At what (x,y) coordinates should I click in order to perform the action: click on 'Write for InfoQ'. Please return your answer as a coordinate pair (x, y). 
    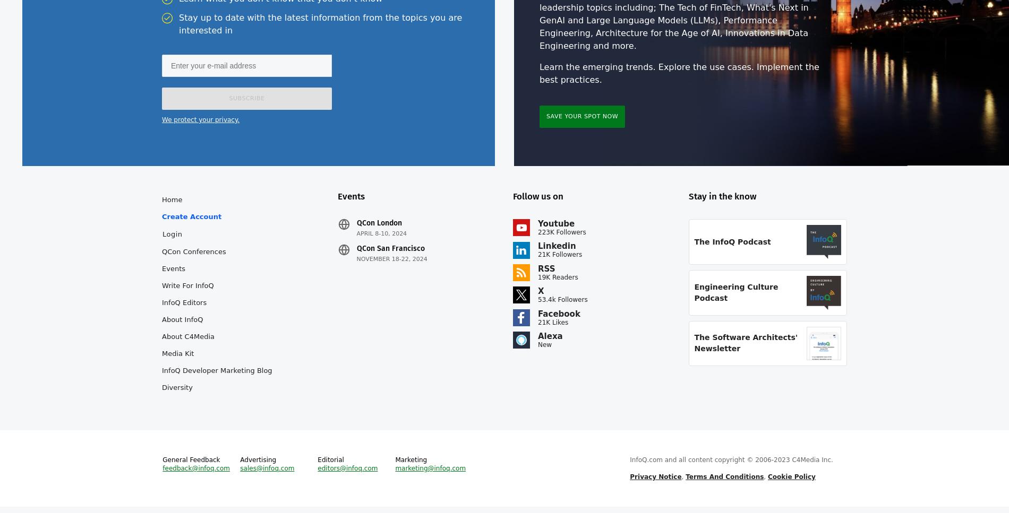
    Looking at the image, I should click on (187, 292).